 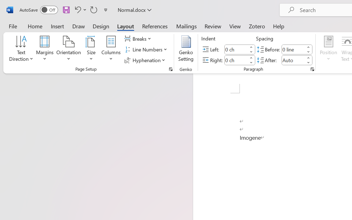 I want to click on 'Indent Left', so click(x=236, y=49).